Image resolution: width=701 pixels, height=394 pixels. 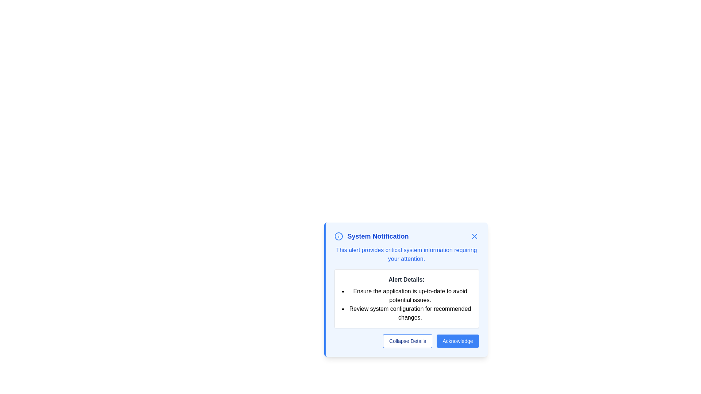 I want to click on the blue close button icon located in the top-right corner of the notification header, adjacent to 'System Notification', to observe the color change, so click(x=474, y=236).